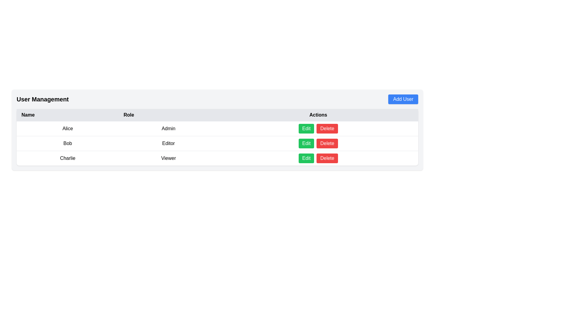  Describe the element at coordinates (327, 144) in the screenshot. I see `the 'Delete' button with a red background and white text located in the 'Actions' column for user 'Bob'` at that location.